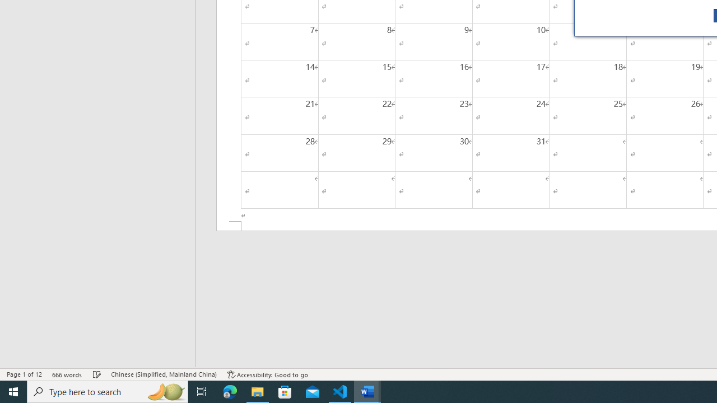 Image resolution: width=717 pixels, height=403 pixels. Describe the element at coordinates (230, 391) in the screenshot. I see `'Microsoft Edge'` at that location.